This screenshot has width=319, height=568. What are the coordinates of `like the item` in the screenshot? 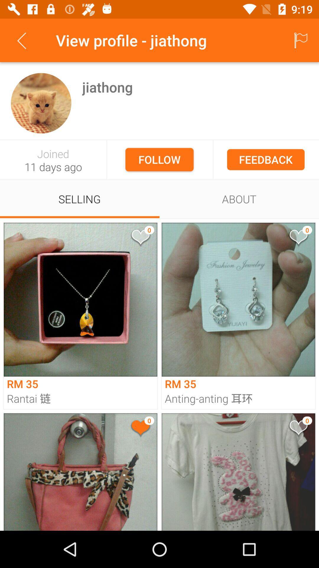 It's located at (140, 238).